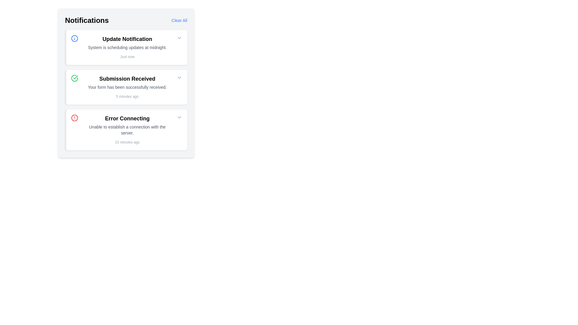  What do you see at coordinates (179, 20) in the screenshot?
I see `the hyperlink in the top-right corner of the notifications section to clear all notifications` at bounding box center [179, 20].